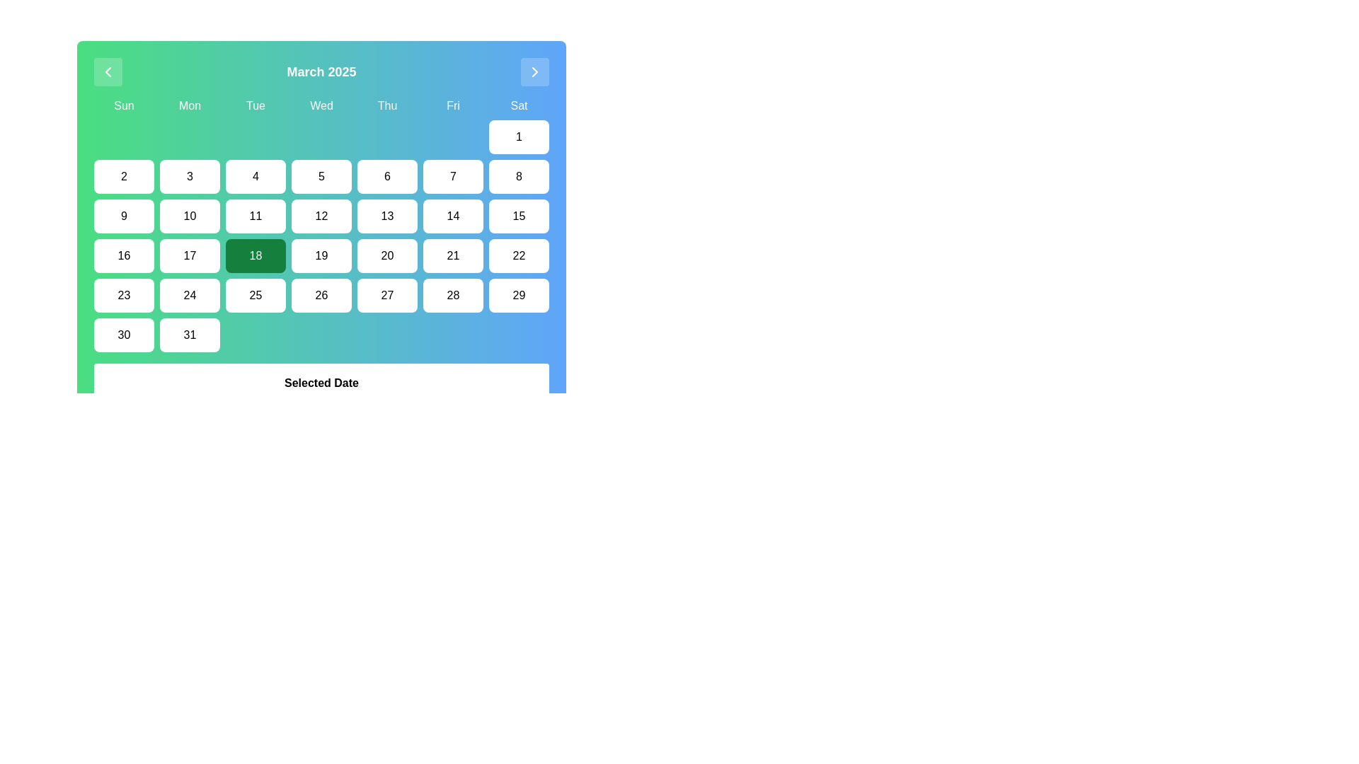 This screenshot has width=1359, height=764. What do you see at coordinates (124, 216) in the screenshot?
I see `the date button representing '9' in the calendar to observe its hover style change` at bounding box center [124, 216].